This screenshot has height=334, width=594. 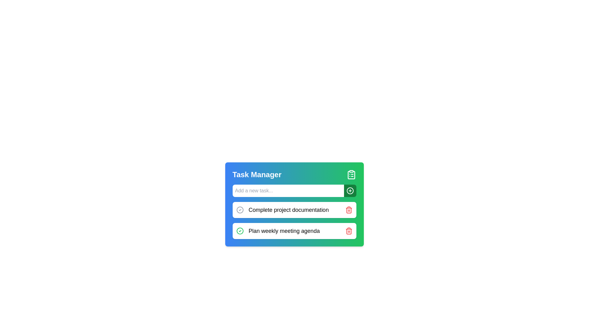 What do you see at coordinates (350, 191) in the screenshot?
I see `the button used to trigger the addition of a new task, located to the immediate right of the task input field in the task management panel` at bounding box center [350, 191].